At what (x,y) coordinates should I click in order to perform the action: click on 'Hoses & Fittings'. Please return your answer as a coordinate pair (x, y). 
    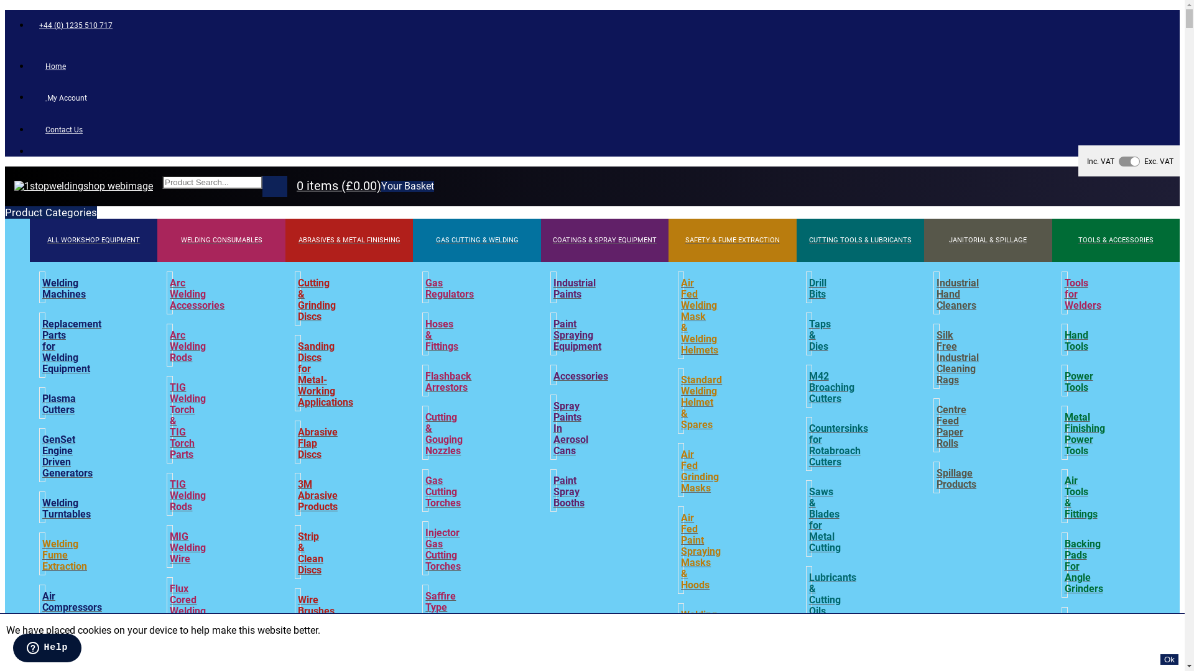
    Looking at the image, I should click on (425, 335).